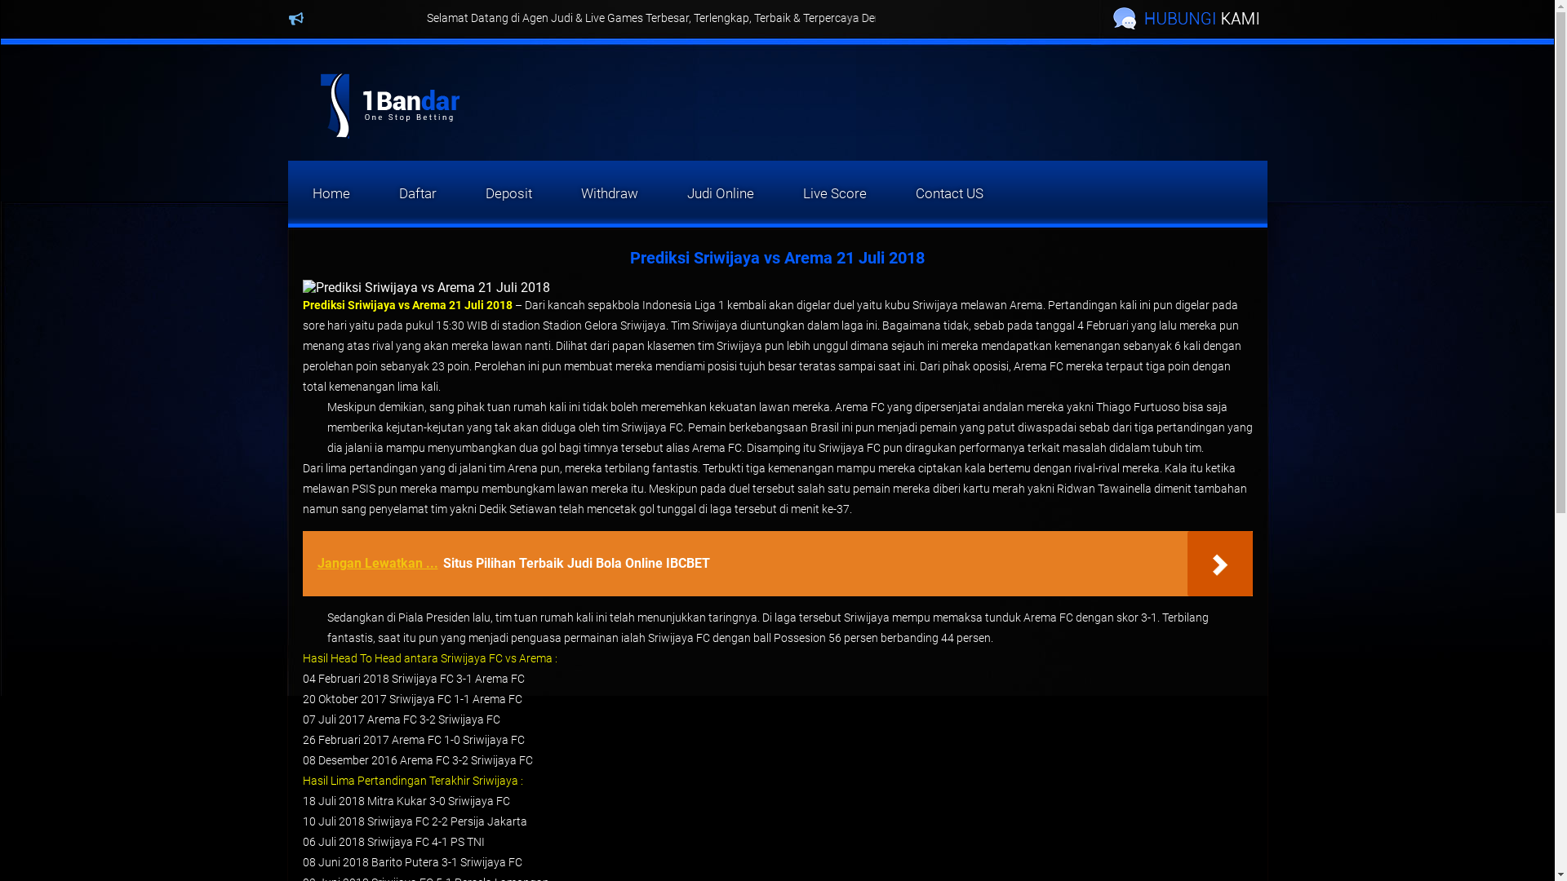  Describe the element at coordinates (406, 305) in the screenshot. I see `'Prediksi Sriwijaya vs Arema 21 Juli 2018'` at that location.